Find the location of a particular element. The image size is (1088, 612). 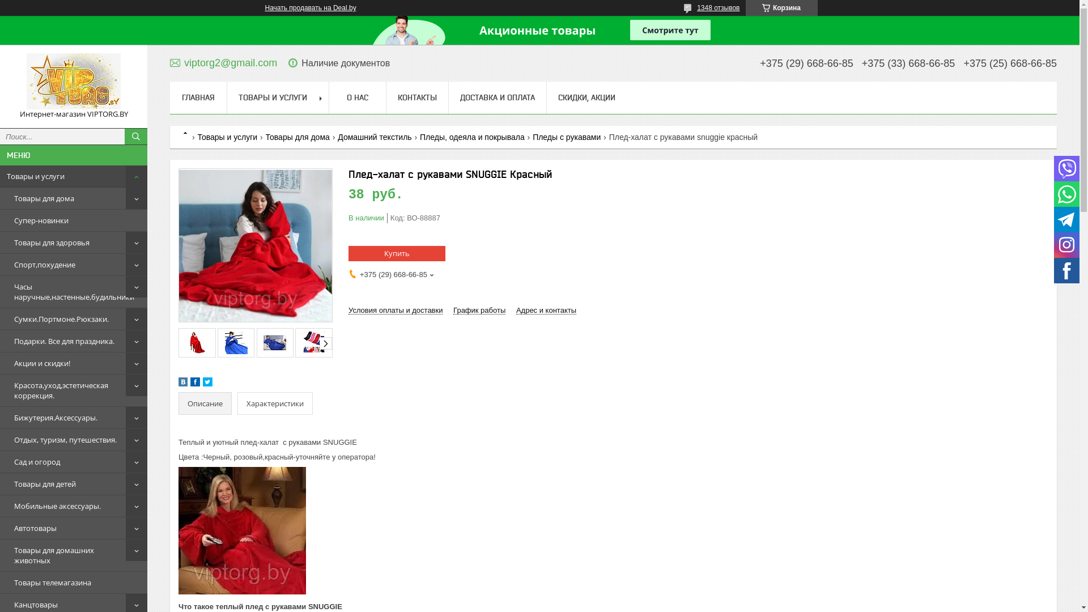

'viptorg2@gmail.com' is located at coordinates (223, 62).